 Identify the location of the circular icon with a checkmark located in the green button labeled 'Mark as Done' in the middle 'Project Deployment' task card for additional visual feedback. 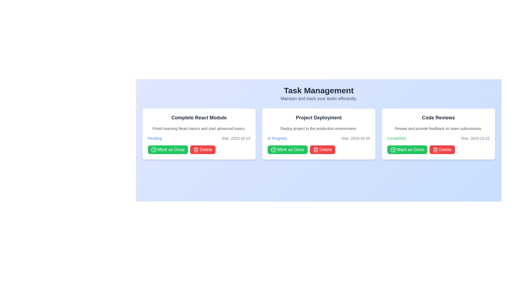
(273, 149).